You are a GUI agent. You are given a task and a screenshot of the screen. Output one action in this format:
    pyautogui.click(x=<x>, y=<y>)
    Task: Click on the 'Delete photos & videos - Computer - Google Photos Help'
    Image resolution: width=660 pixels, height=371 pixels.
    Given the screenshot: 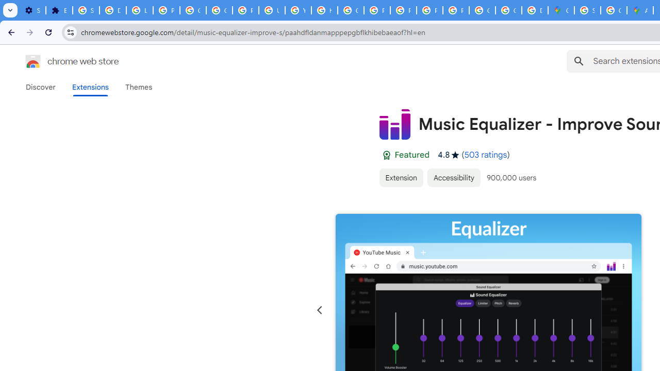 What is the action you would take?
    pyautogui.click(x=112, y=10)
    